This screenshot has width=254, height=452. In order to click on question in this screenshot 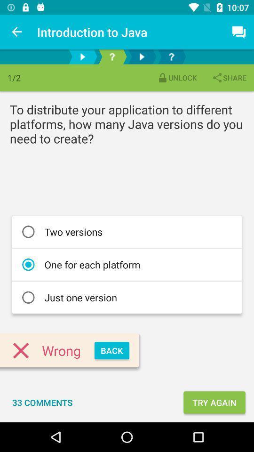, I will do `click(112, 56)`.